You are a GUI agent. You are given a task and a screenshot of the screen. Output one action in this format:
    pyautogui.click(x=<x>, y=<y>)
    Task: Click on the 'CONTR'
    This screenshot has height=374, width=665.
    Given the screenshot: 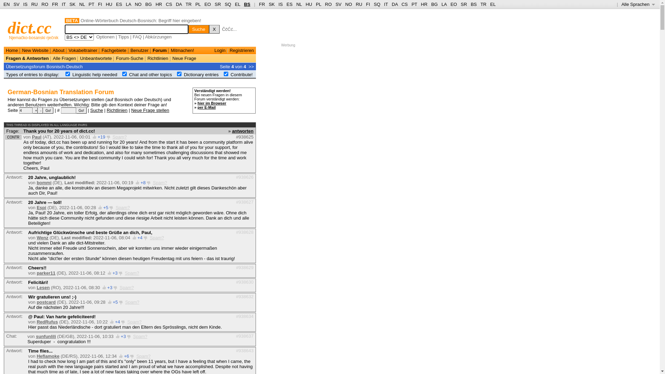 What is the action you would take?
    pyautogui.click(x=13, y=137)
    